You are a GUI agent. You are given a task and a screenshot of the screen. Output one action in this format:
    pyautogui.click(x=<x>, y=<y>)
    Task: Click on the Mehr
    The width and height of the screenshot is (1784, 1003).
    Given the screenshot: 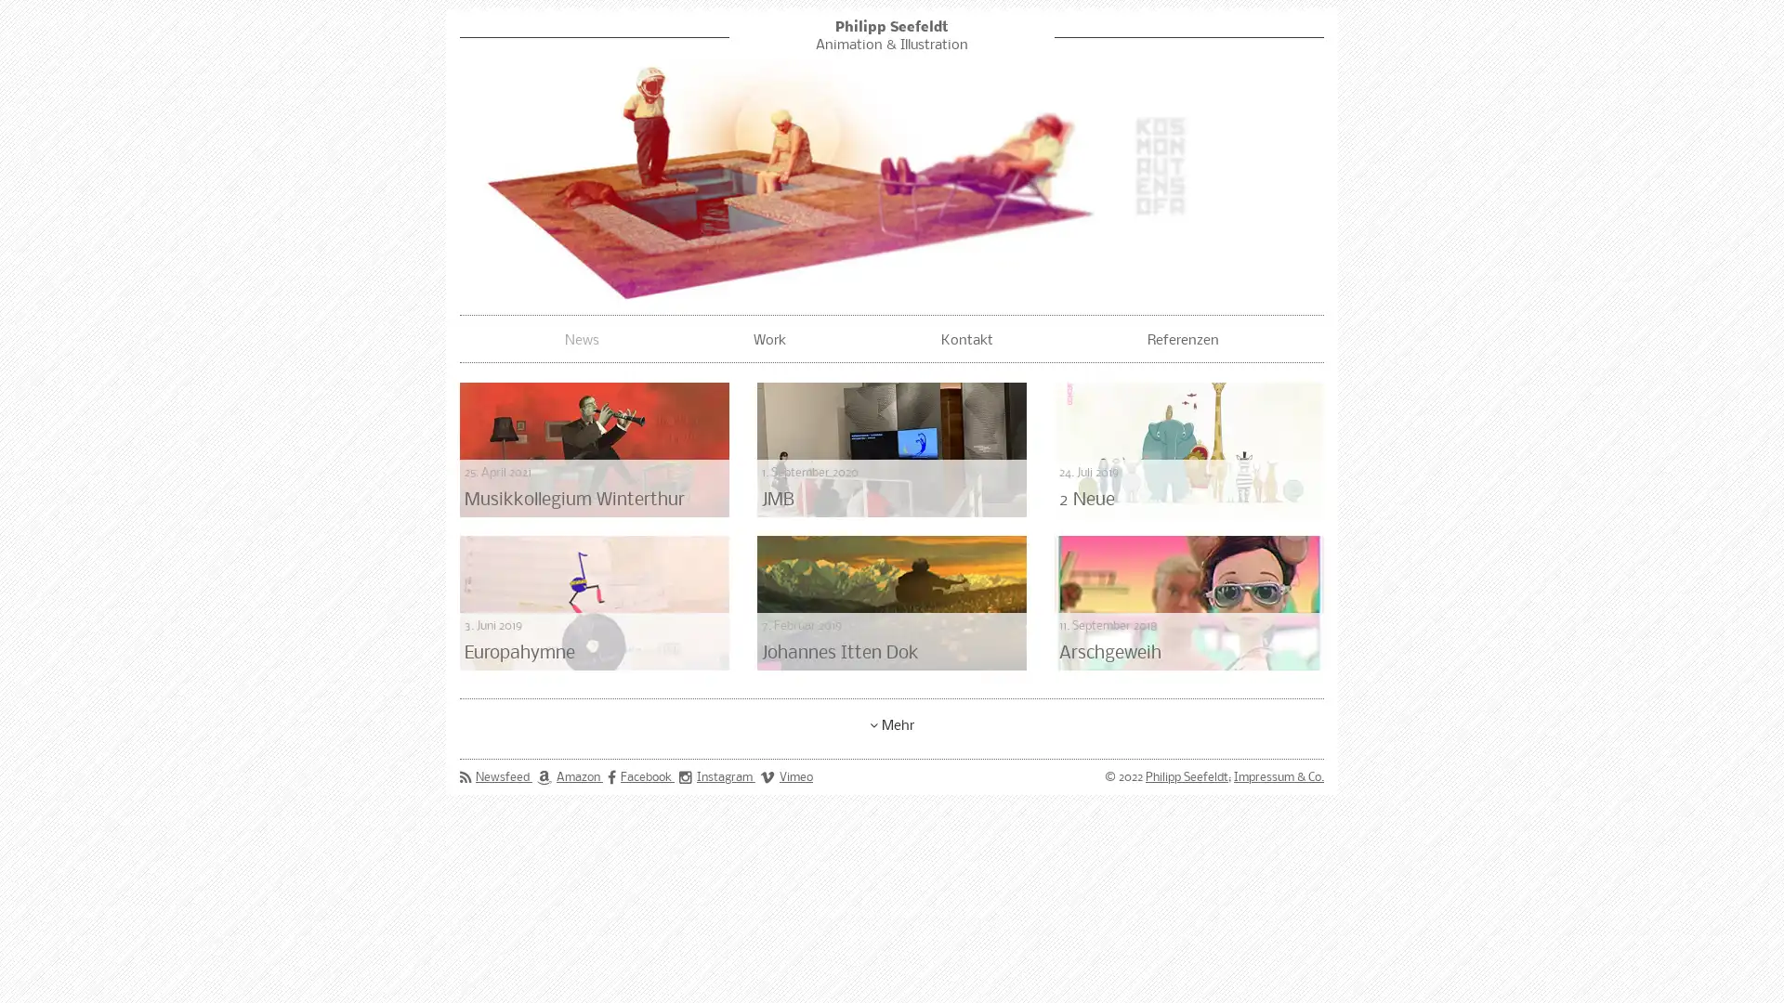 What is the action you would take?
    pyautogui.click(x=892, y=723)
    